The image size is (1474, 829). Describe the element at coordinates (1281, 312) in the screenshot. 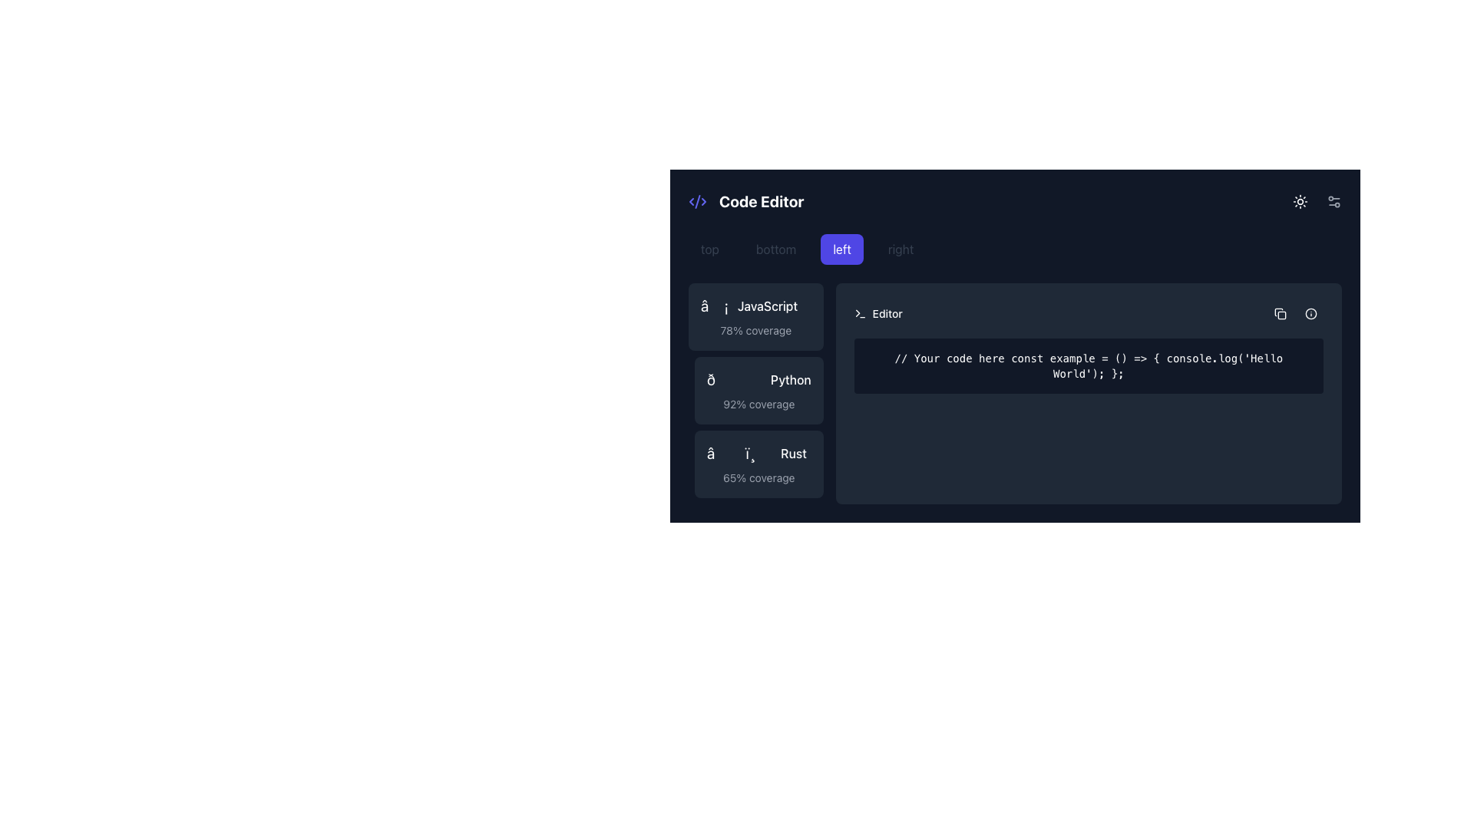

I see `the document copy icon located in the top-right corner of the editor pane` at that location.